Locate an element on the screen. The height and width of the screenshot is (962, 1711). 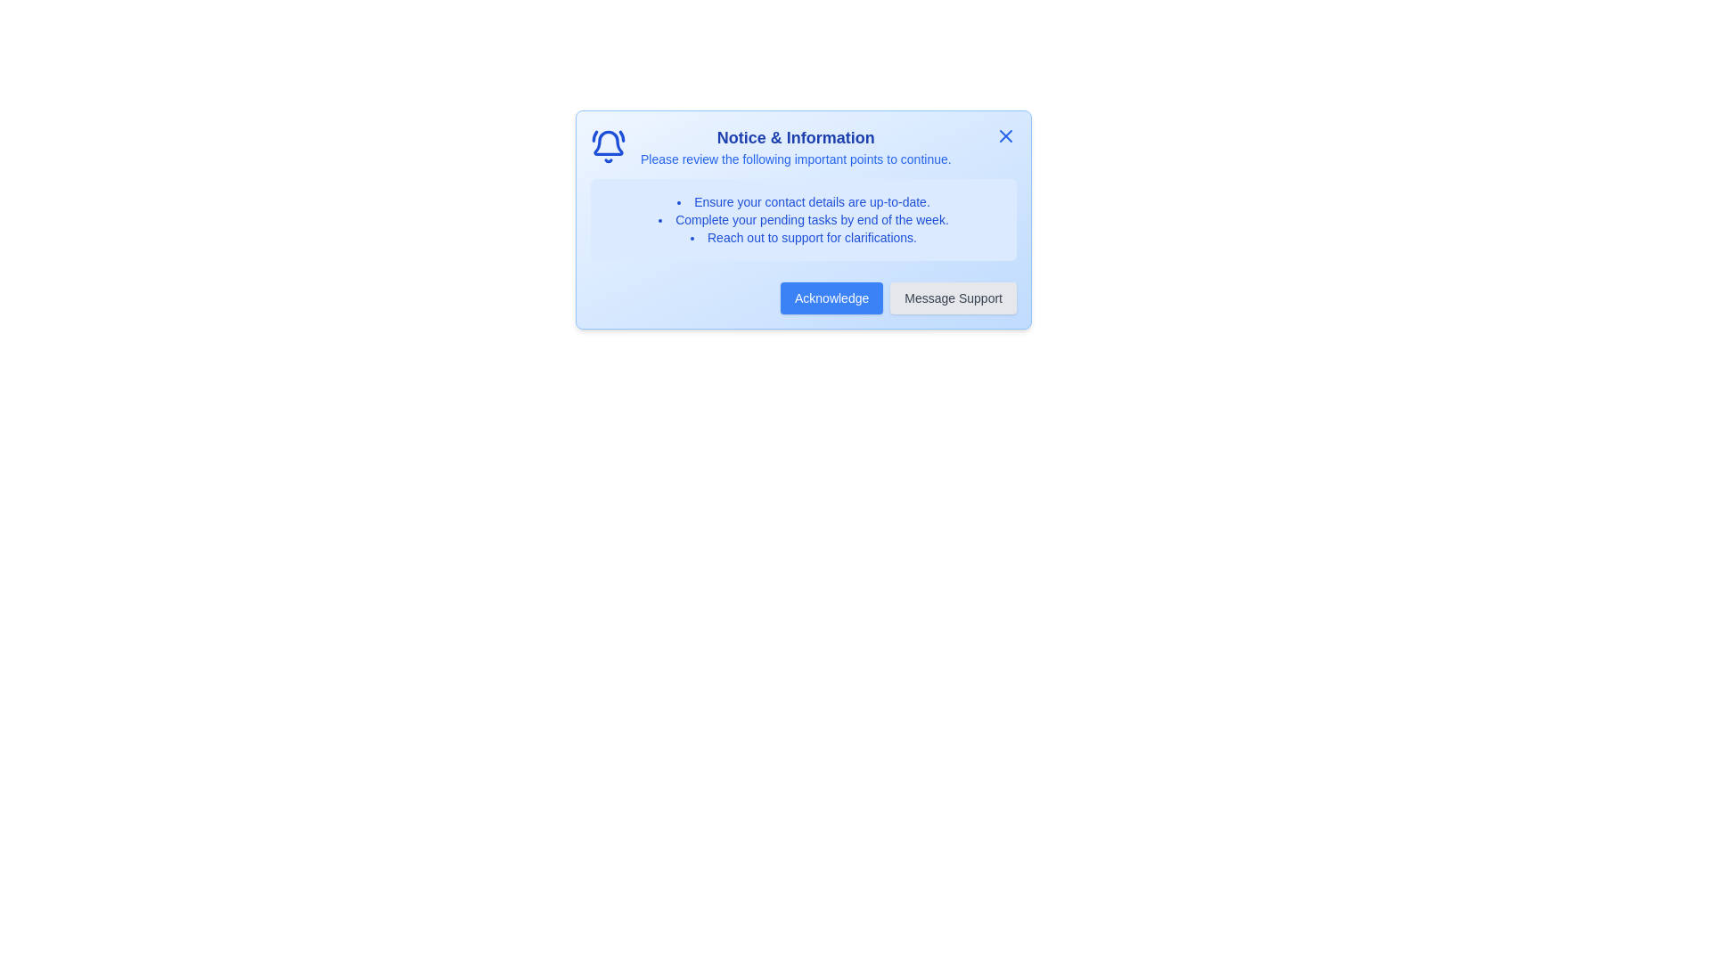
the close button of the alert to dismiss it is located at coordinates (1005, 135).